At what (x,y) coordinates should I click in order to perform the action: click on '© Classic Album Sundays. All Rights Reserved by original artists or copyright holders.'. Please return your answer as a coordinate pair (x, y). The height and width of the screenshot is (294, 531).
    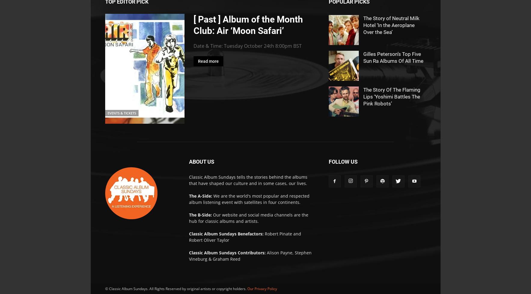
    Looking at the image, I should click on (105, 288).